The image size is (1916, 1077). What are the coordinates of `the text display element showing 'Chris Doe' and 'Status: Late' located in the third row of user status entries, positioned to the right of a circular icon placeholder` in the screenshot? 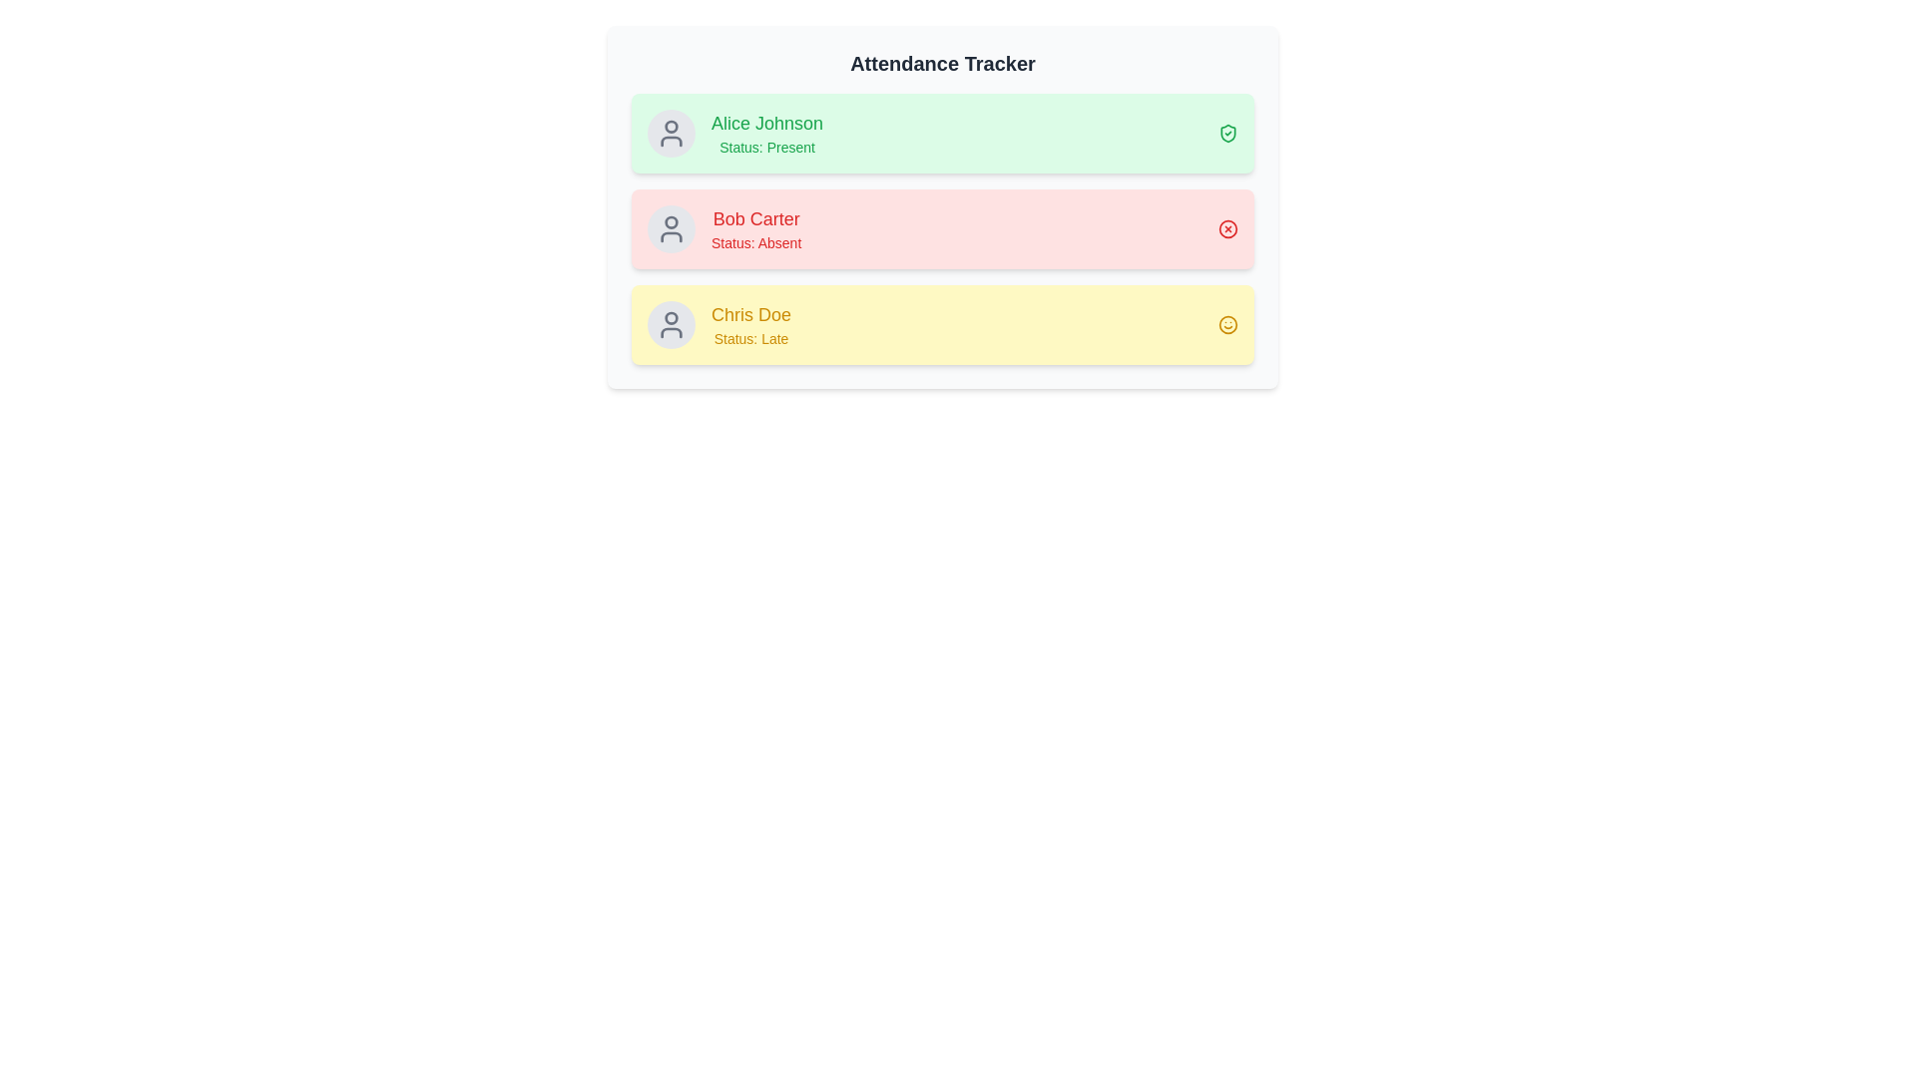 It's located at (750, 324).